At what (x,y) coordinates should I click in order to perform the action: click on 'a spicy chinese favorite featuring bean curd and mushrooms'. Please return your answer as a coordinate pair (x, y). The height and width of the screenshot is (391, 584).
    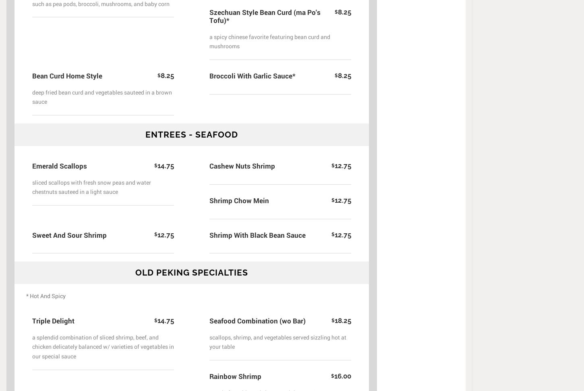
    Looking at the image, I should click on (269, 41).